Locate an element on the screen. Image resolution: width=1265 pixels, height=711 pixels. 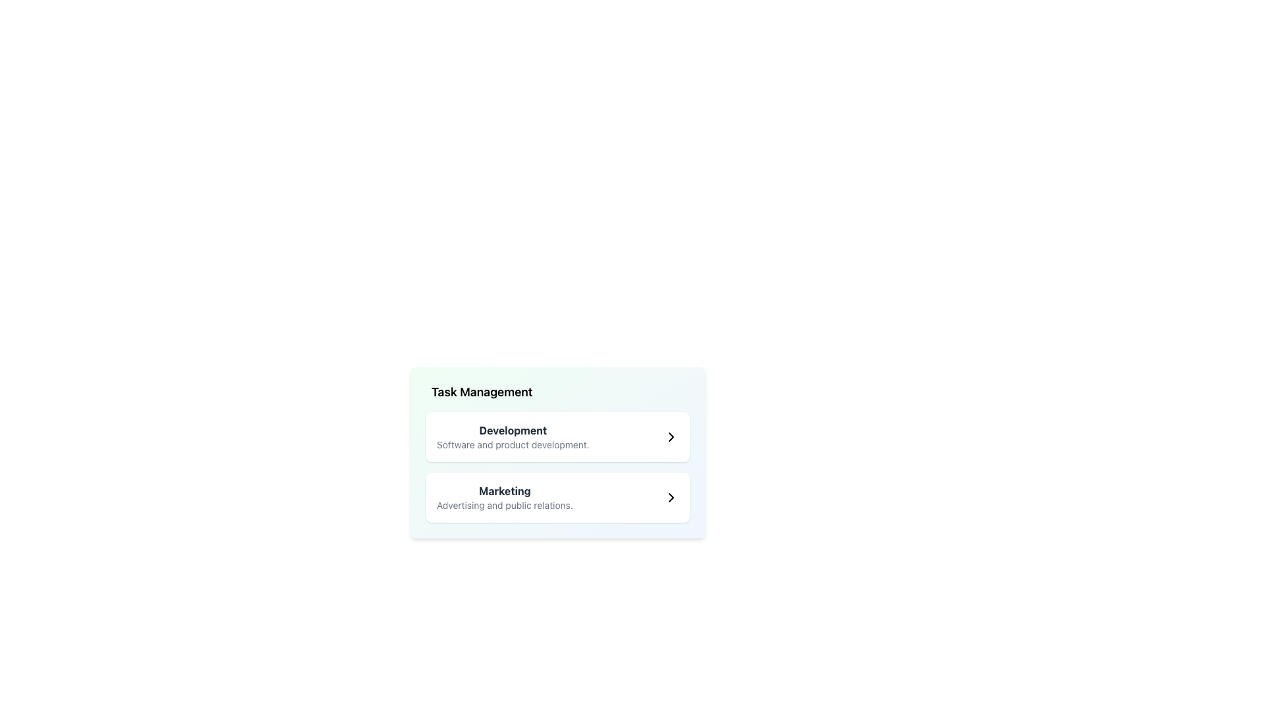
the Text Label that serves as the title for the 'Task Management' section, located at the top left corner of the card-like component is located at coordinates (481, 392).